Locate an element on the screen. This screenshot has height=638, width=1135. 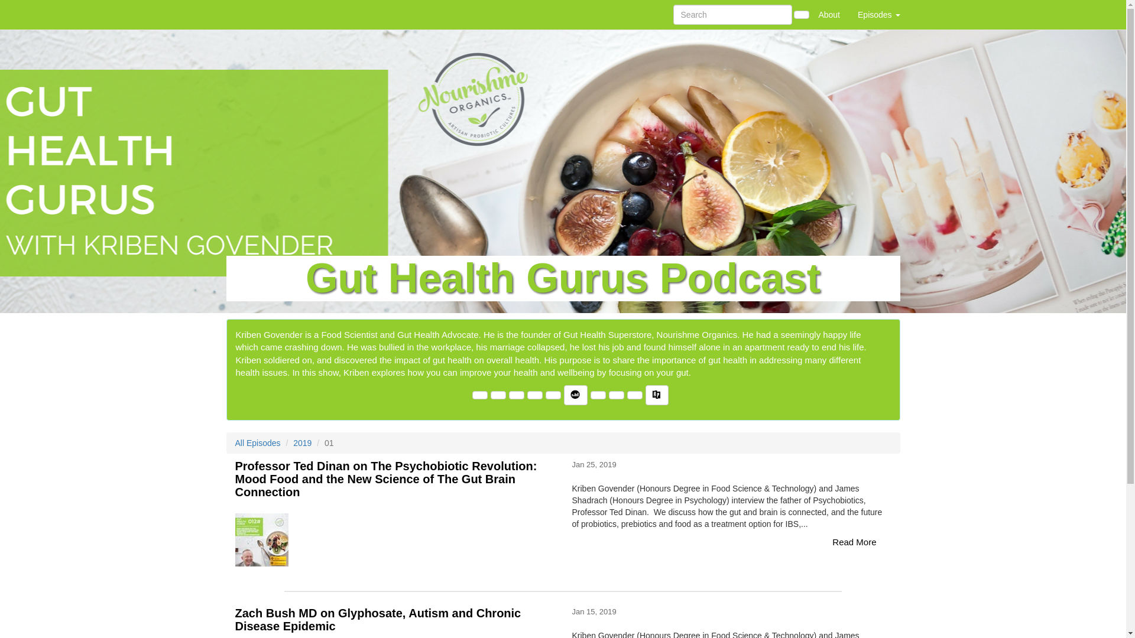
'Episodes' is located at coordinates (848, 14).